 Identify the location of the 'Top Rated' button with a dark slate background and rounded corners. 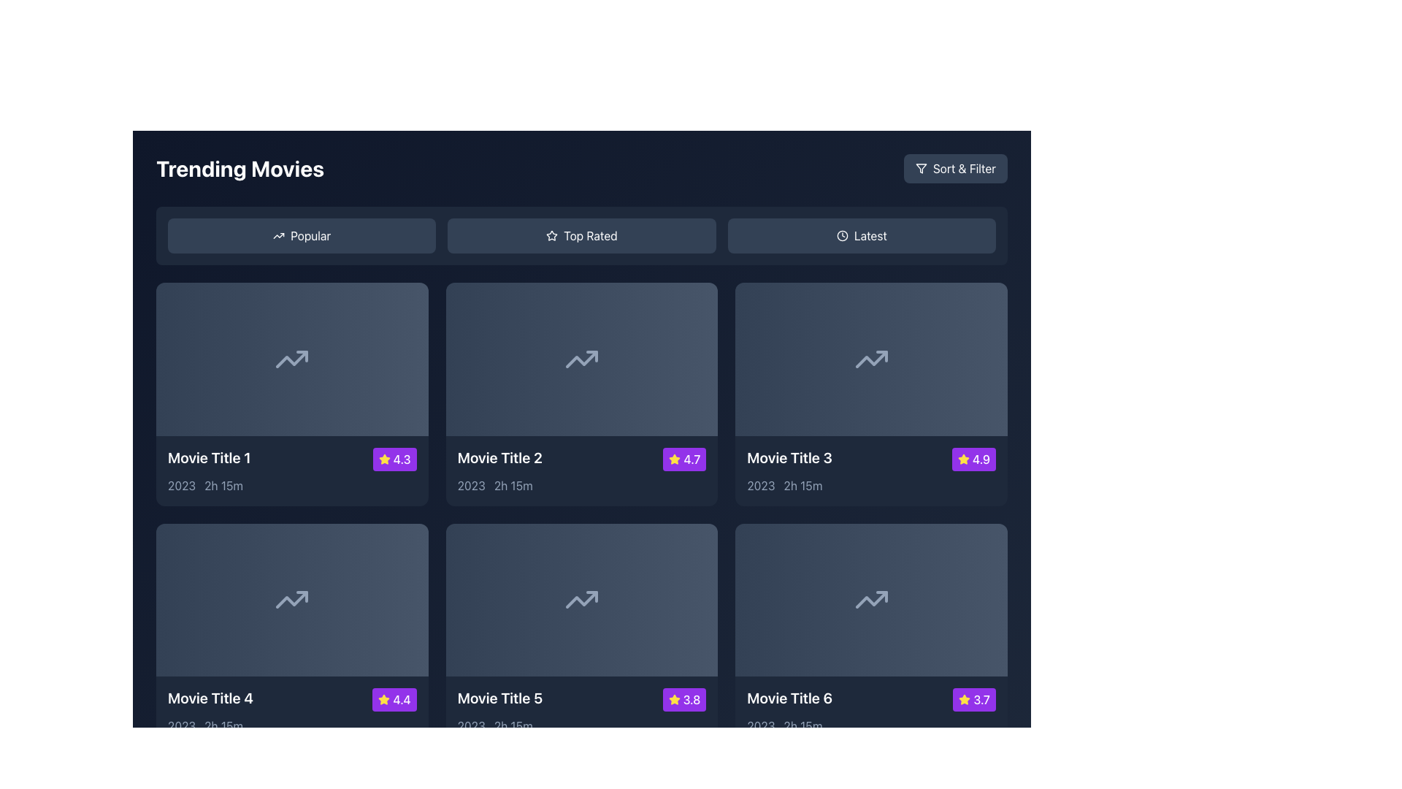
(581, 235).